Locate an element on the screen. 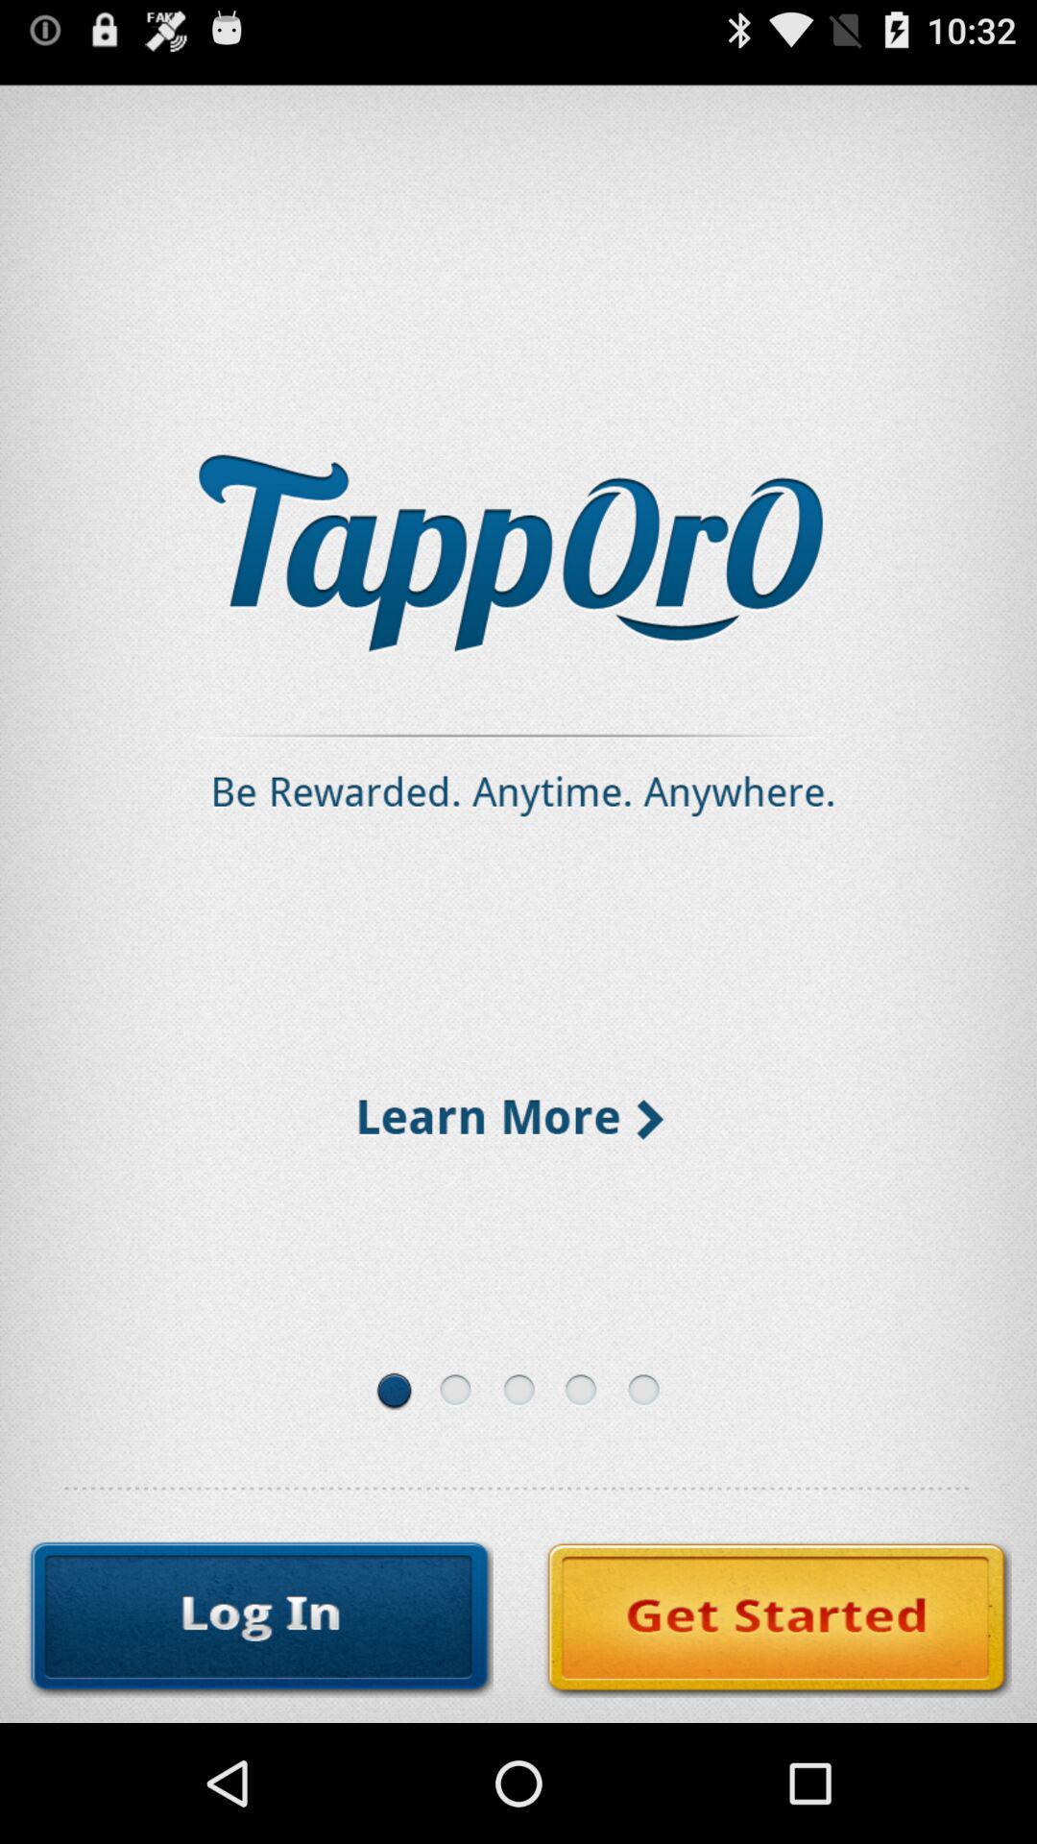  press to get started is located at coordinates (778, 1618).